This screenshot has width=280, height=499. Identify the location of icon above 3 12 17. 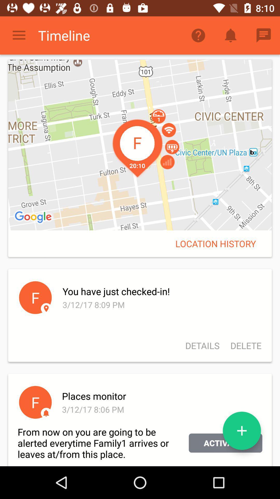
(162, 291).